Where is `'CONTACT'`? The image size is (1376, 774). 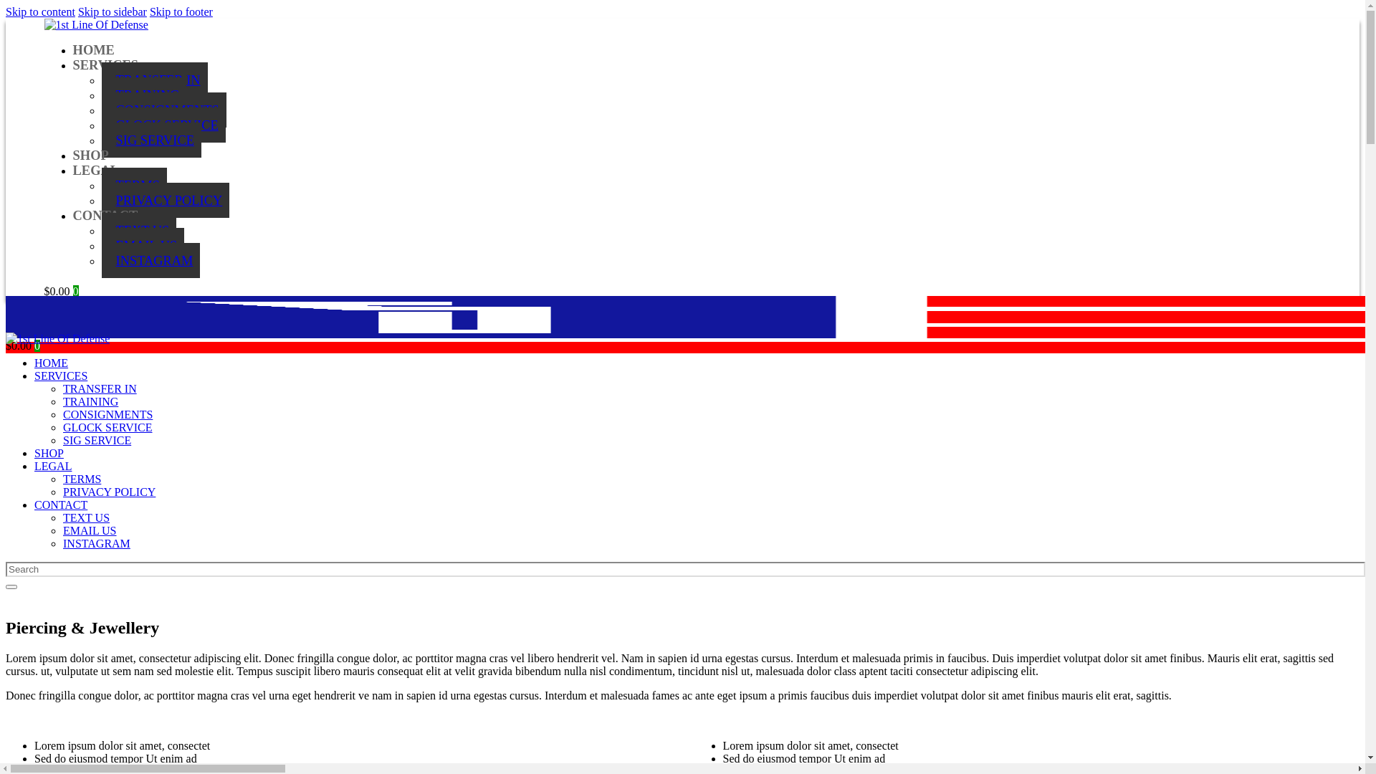 'CONTACT' is located at coordinates (72, 215).